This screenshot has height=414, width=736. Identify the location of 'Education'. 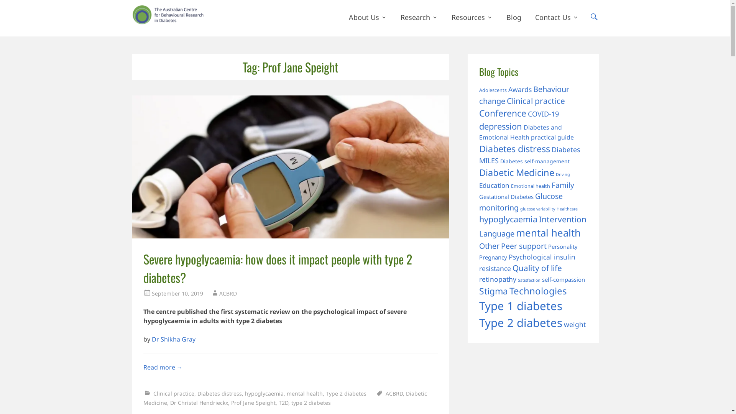
(494, 185).